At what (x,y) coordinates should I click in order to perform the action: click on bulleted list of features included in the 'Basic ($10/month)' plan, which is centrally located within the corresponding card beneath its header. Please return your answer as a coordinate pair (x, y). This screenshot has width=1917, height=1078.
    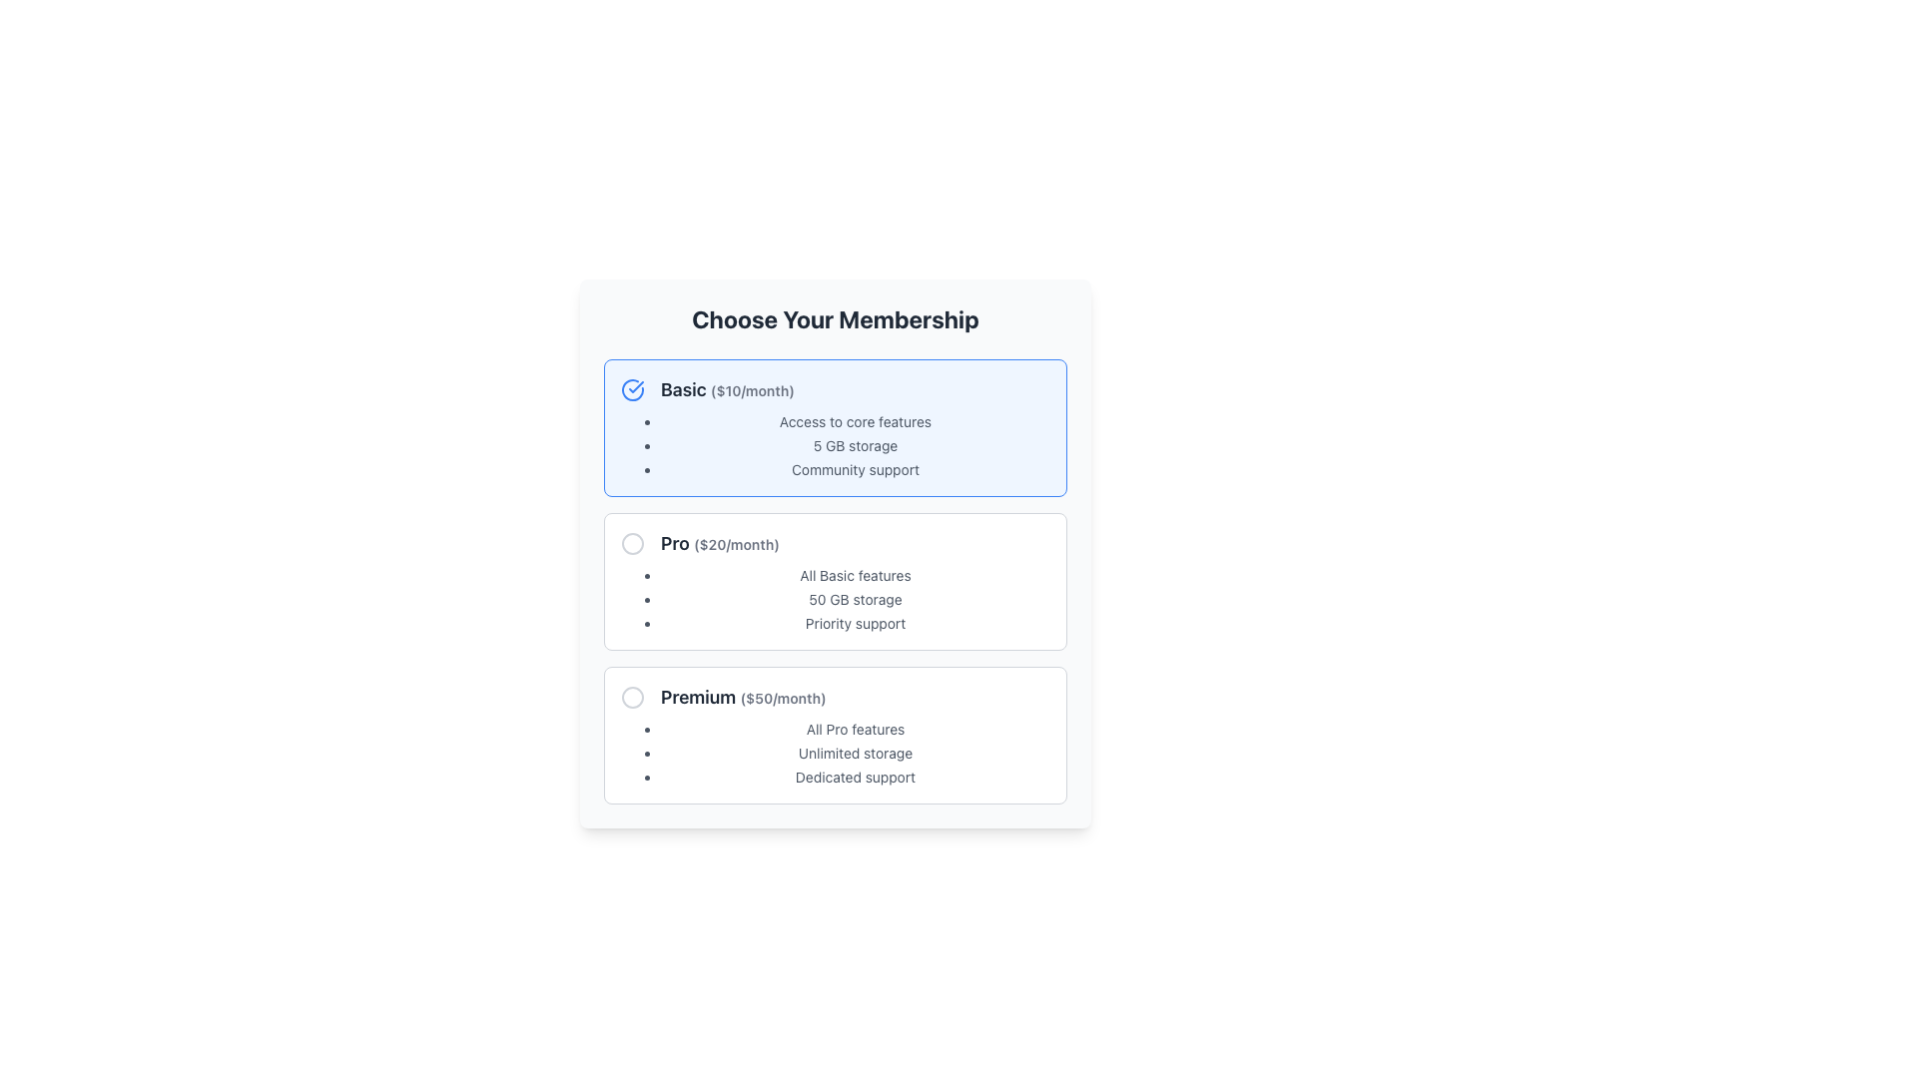
    Looking at the image, I should click on (835, 445).